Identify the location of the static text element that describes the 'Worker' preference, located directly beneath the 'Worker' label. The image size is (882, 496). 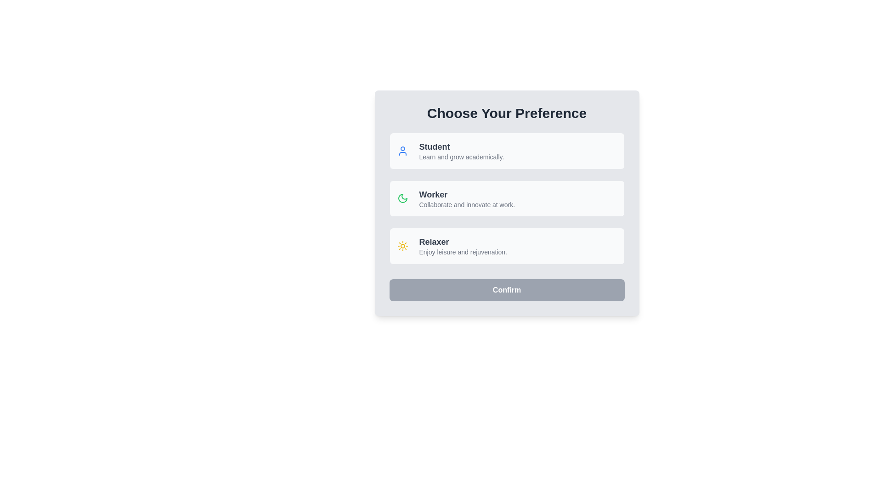
(467, 204).